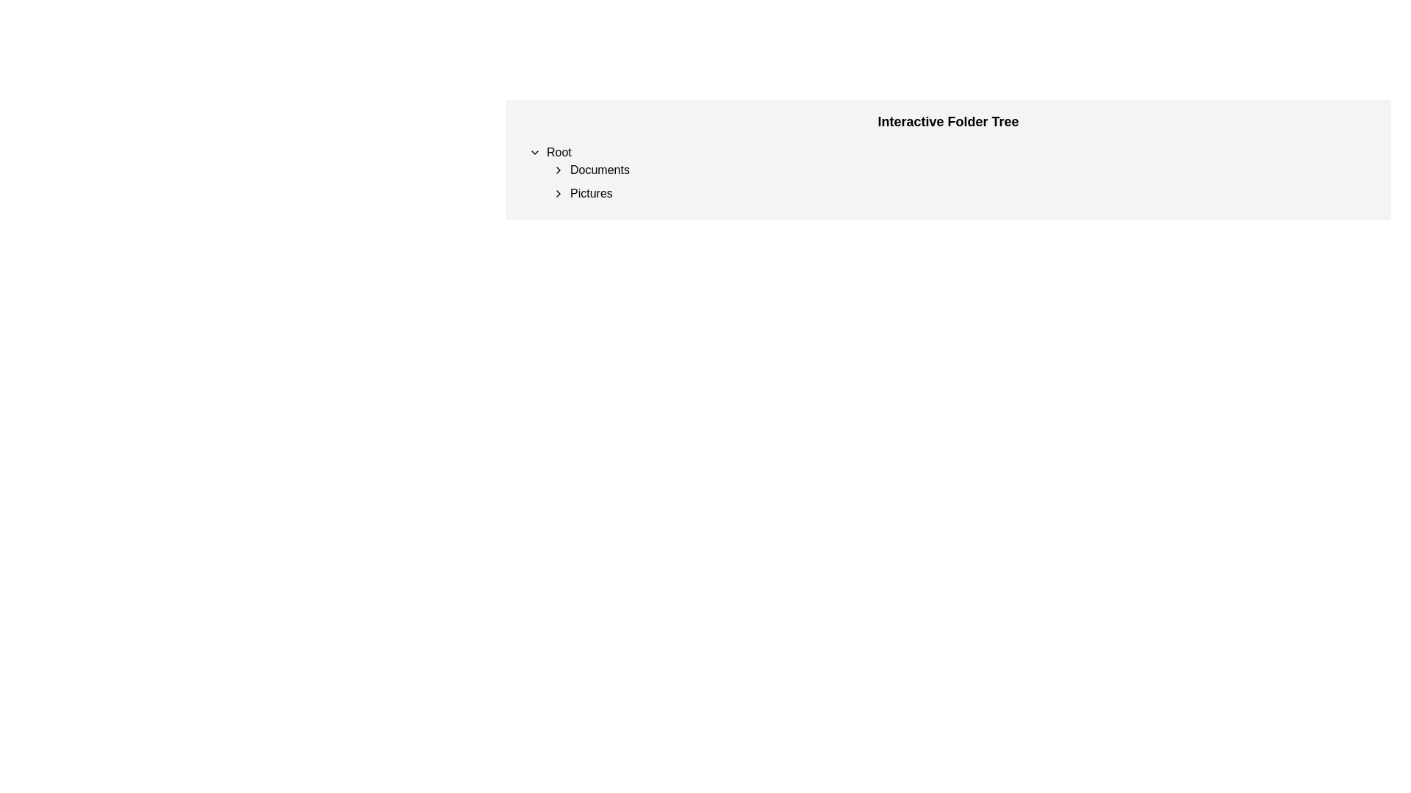 Image resolution: width=1411 pixels, height=793 pixels. I want to click on the rightward chevron icon, which is styled with thin black lines and positioned to the left of the 'Documents' text, so click(557, 169).